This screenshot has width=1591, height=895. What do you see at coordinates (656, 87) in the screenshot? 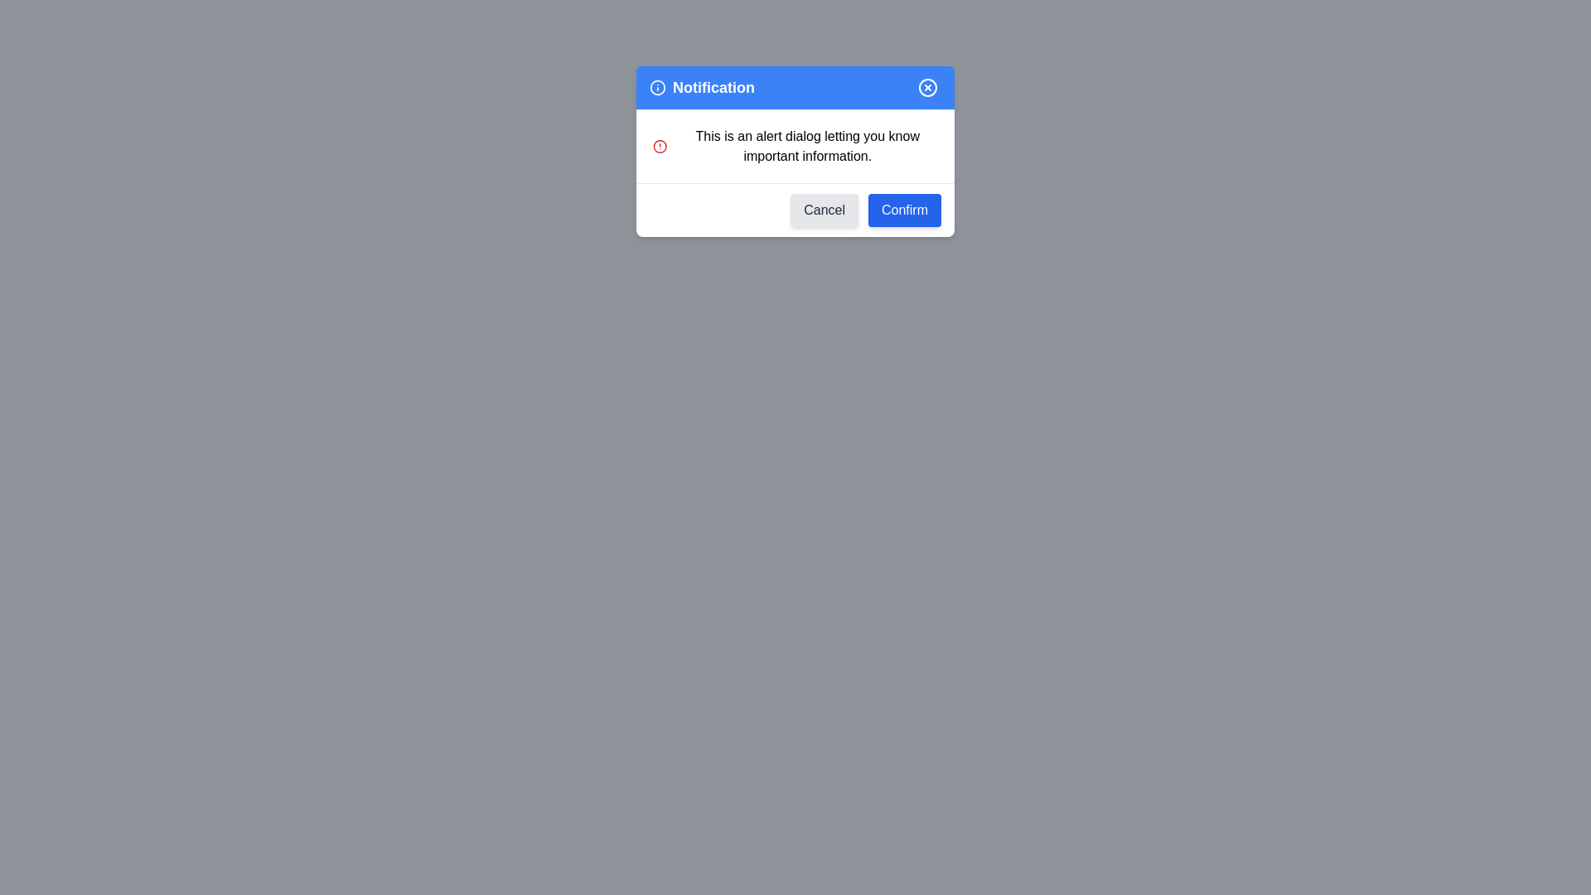
I see `the information icon located on the left side of the 'Notification' header, adjacent to the word 'Notification'` at bounding box center [656, 87].